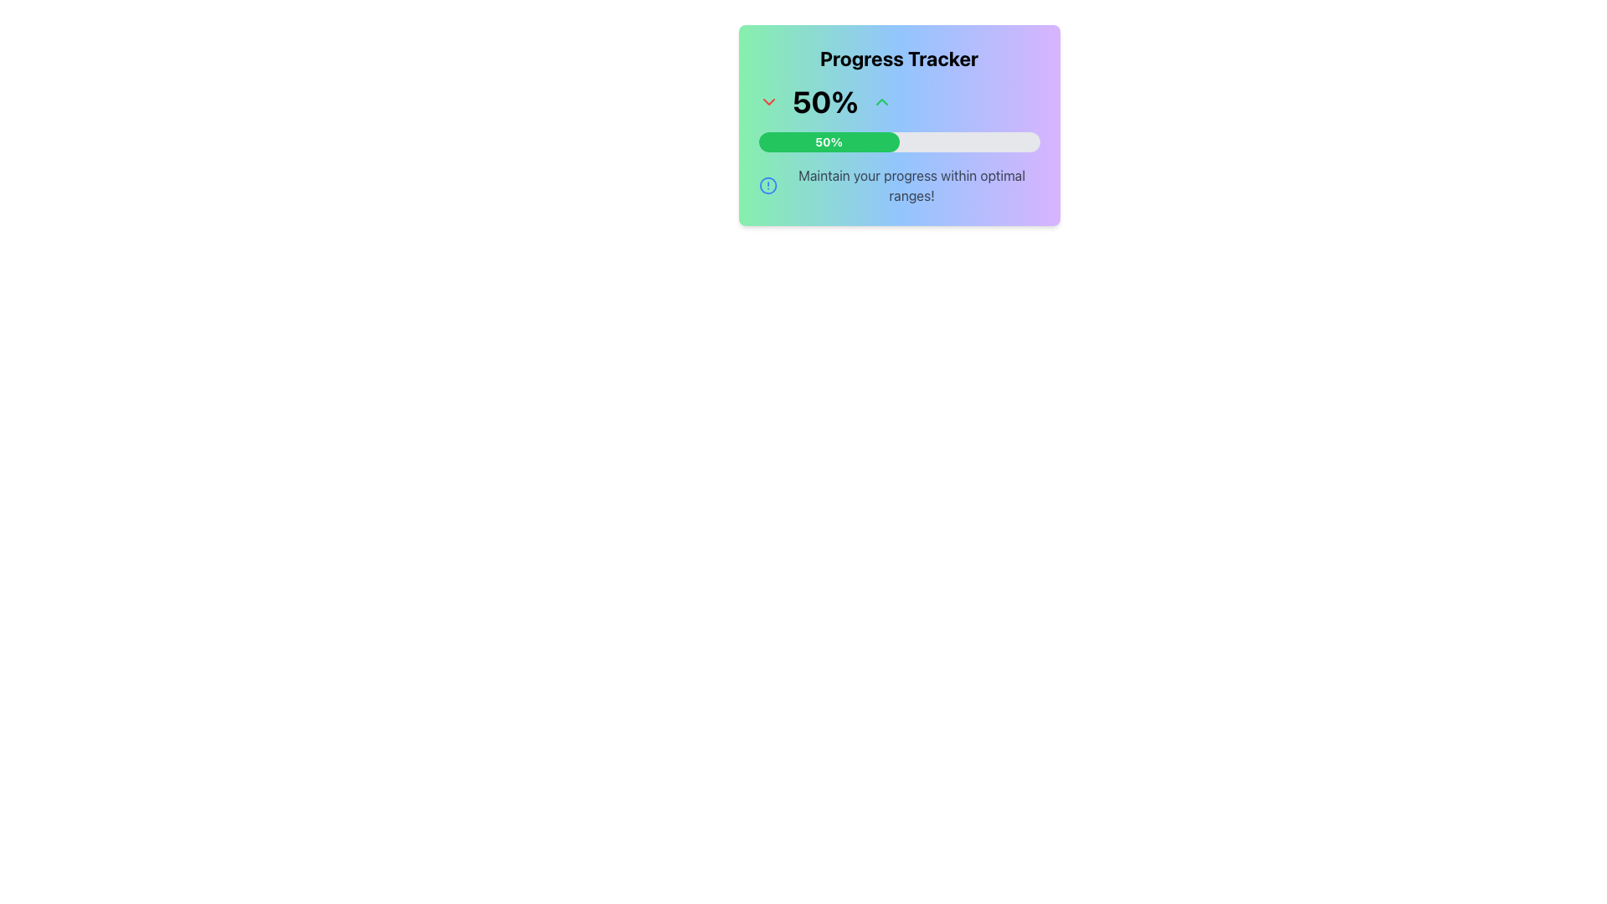 The image size is (1607, 904). What do you see at coordinates (767, 186) in the screenshot?
I see `the small SVG circle element with a blue outline and greenish background, located within the alert icon in the bottom-left segment of the progress tracking widget` at bounding box center [767, 186].